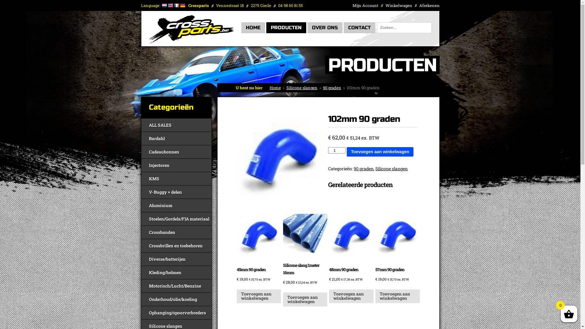 The width and height of the screenshot is (585, 329). What do you see at coordinates (141, 205) in the screenshot?
I see `'Aluminium'` at bounding box center [141, 205].